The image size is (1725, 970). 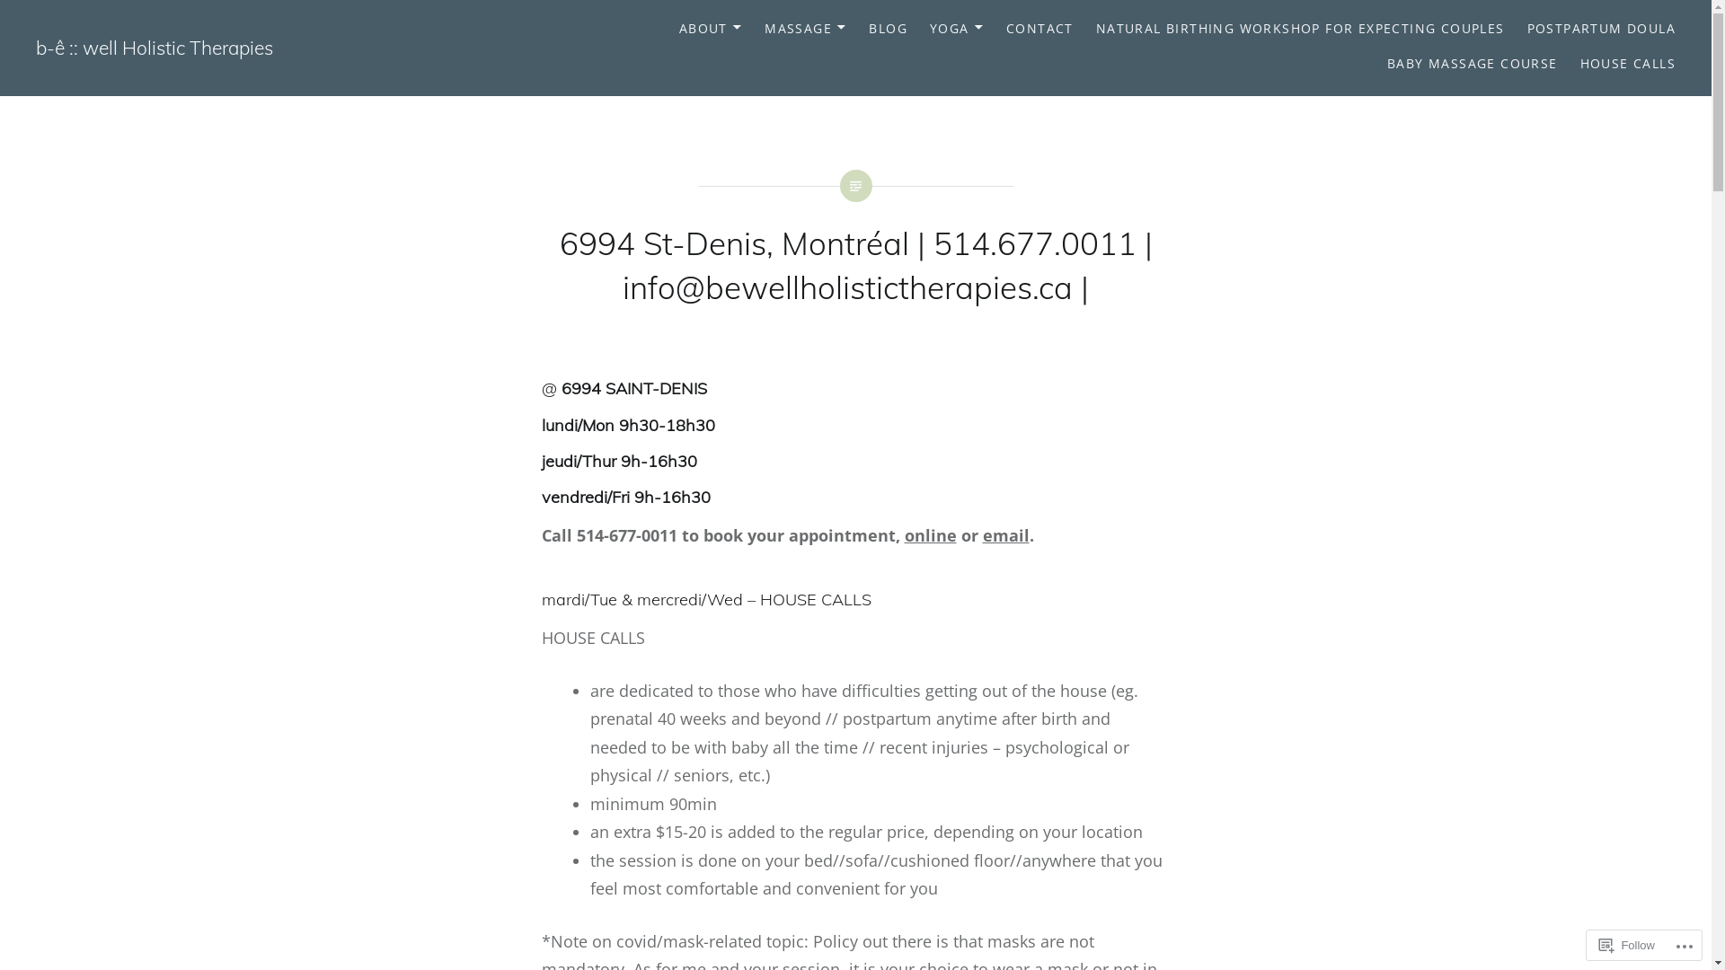 What do you see at coordinates (1386, 63) in the screenshot?
I see `'BABY MASSAGE COURSE'` at bounding box center [1386, 63].